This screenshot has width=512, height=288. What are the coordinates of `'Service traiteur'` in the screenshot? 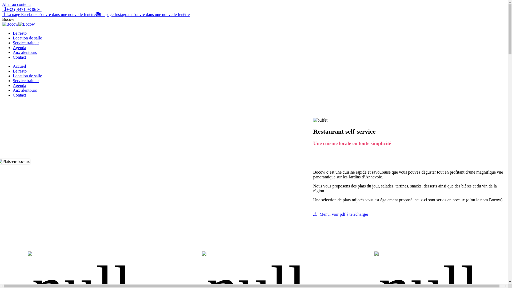 It's located at (25, 42).